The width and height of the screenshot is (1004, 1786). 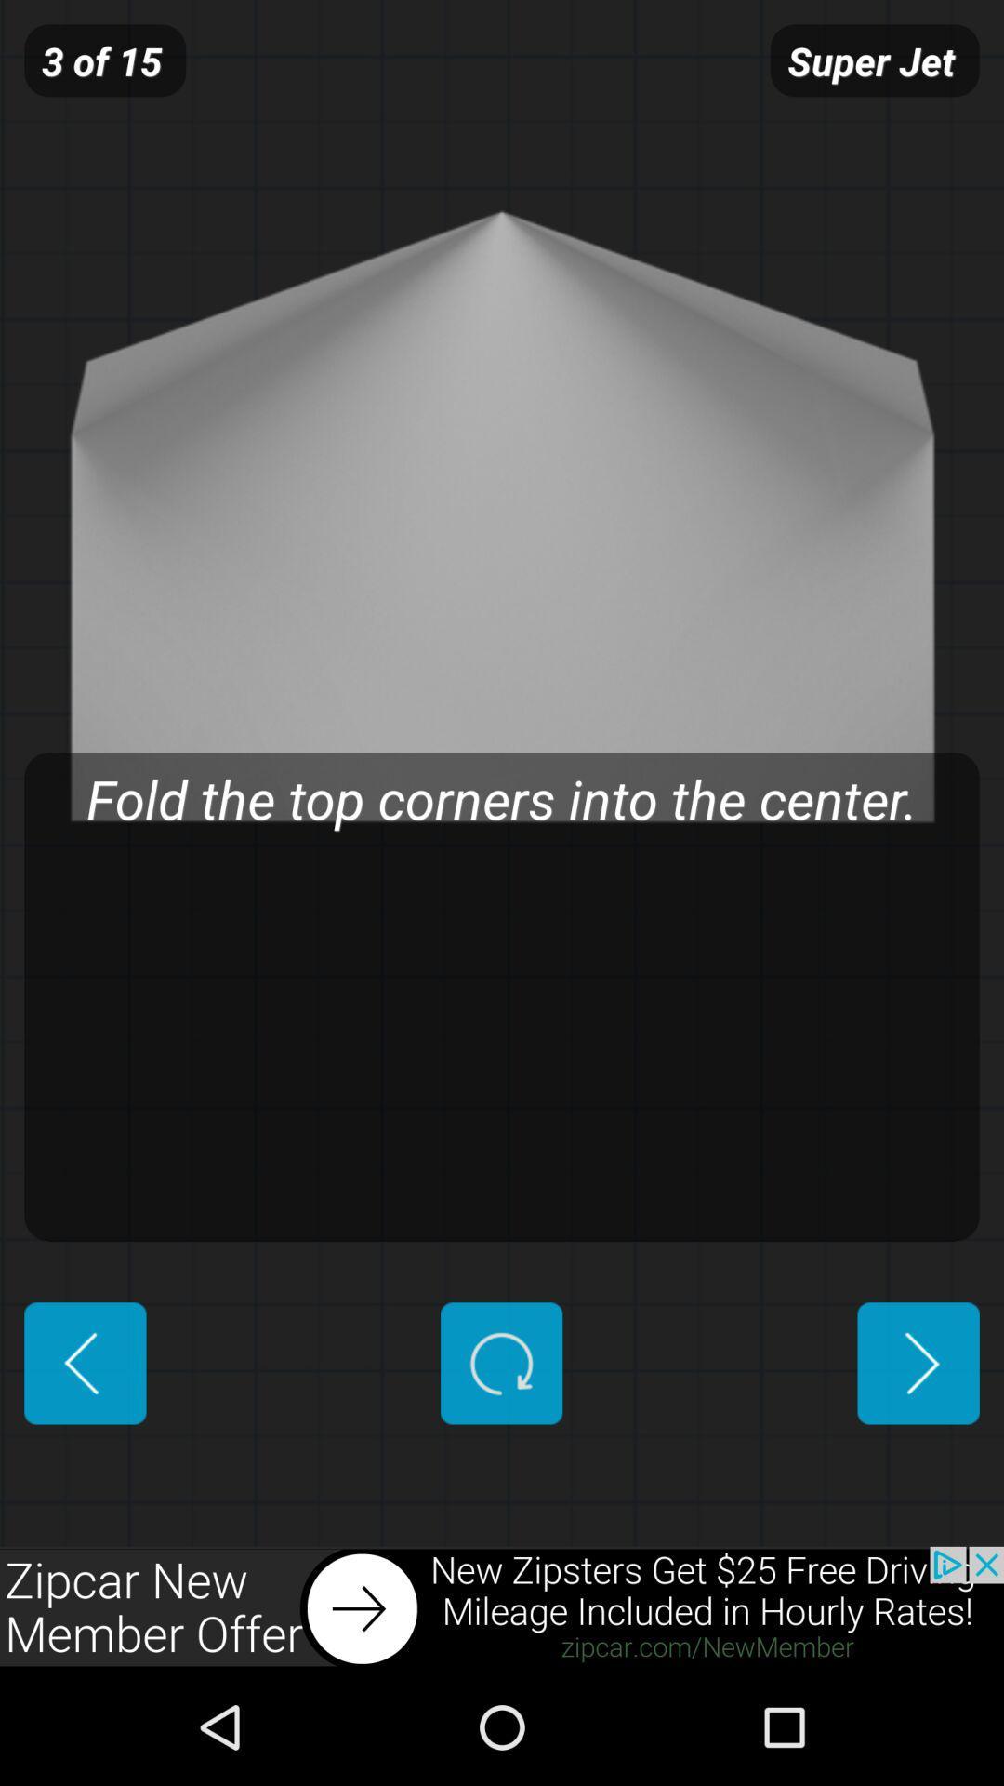 I want to click on this advertised product, so click(x=502, y=1606).